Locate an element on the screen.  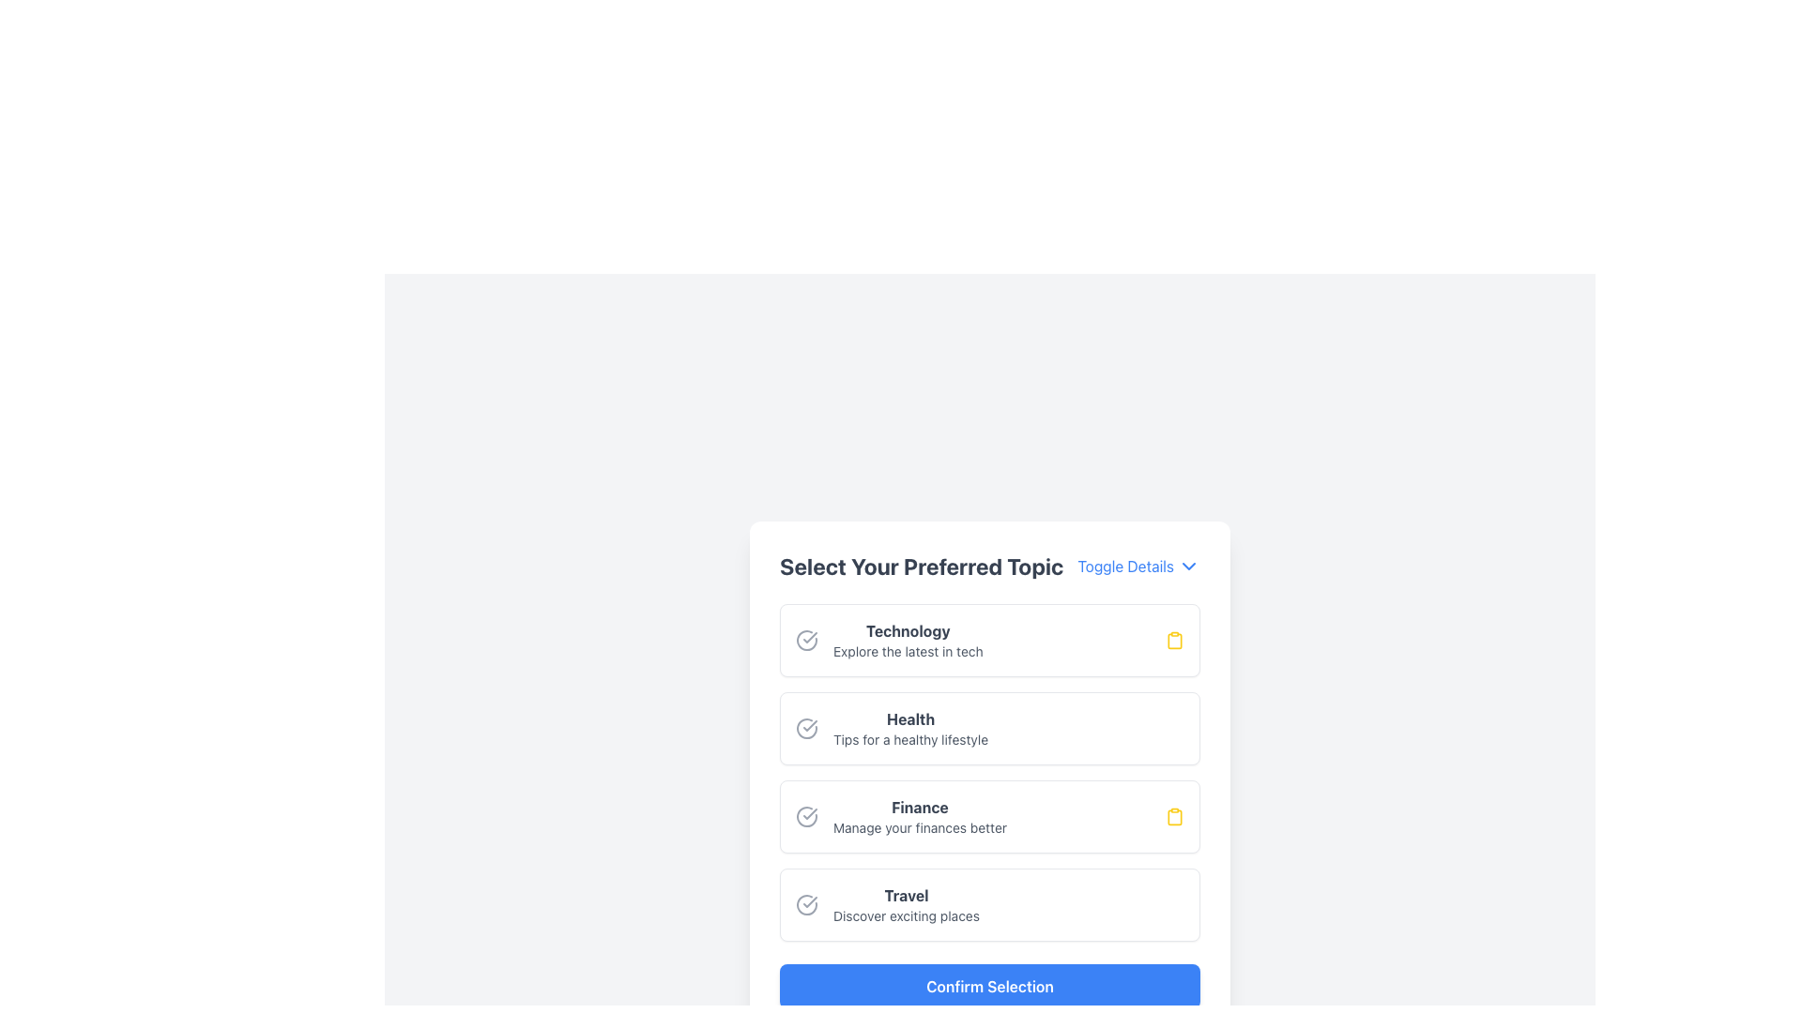
the 'Toggle Details' button located in the top-right corner of the 'Select Your Preferred Topic' panel is located at coordinates (1138, 566).